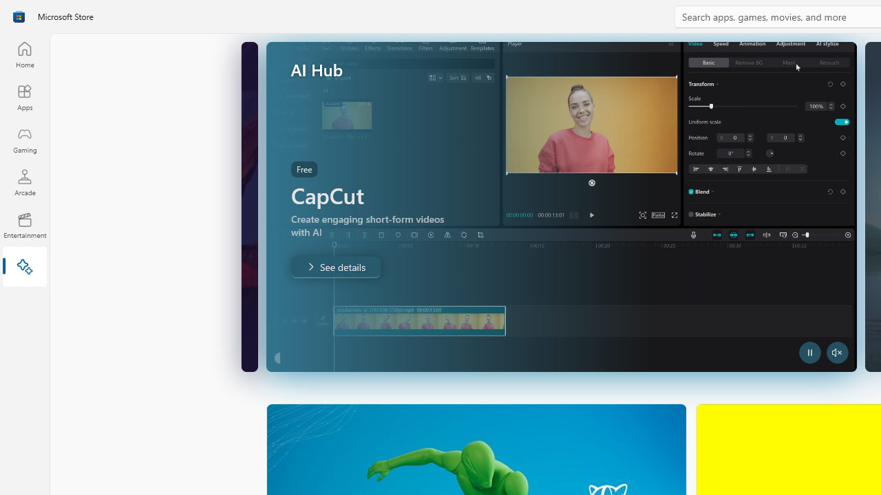 Image resolution: width=881 pixels, height=495 pixels. Describe the element at coordinates (19, 16) in the screenshot. I see `'Class: Image'` at that location.